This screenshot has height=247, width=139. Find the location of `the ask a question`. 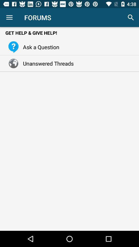

the ask a question is located at coordinates (39, 47).